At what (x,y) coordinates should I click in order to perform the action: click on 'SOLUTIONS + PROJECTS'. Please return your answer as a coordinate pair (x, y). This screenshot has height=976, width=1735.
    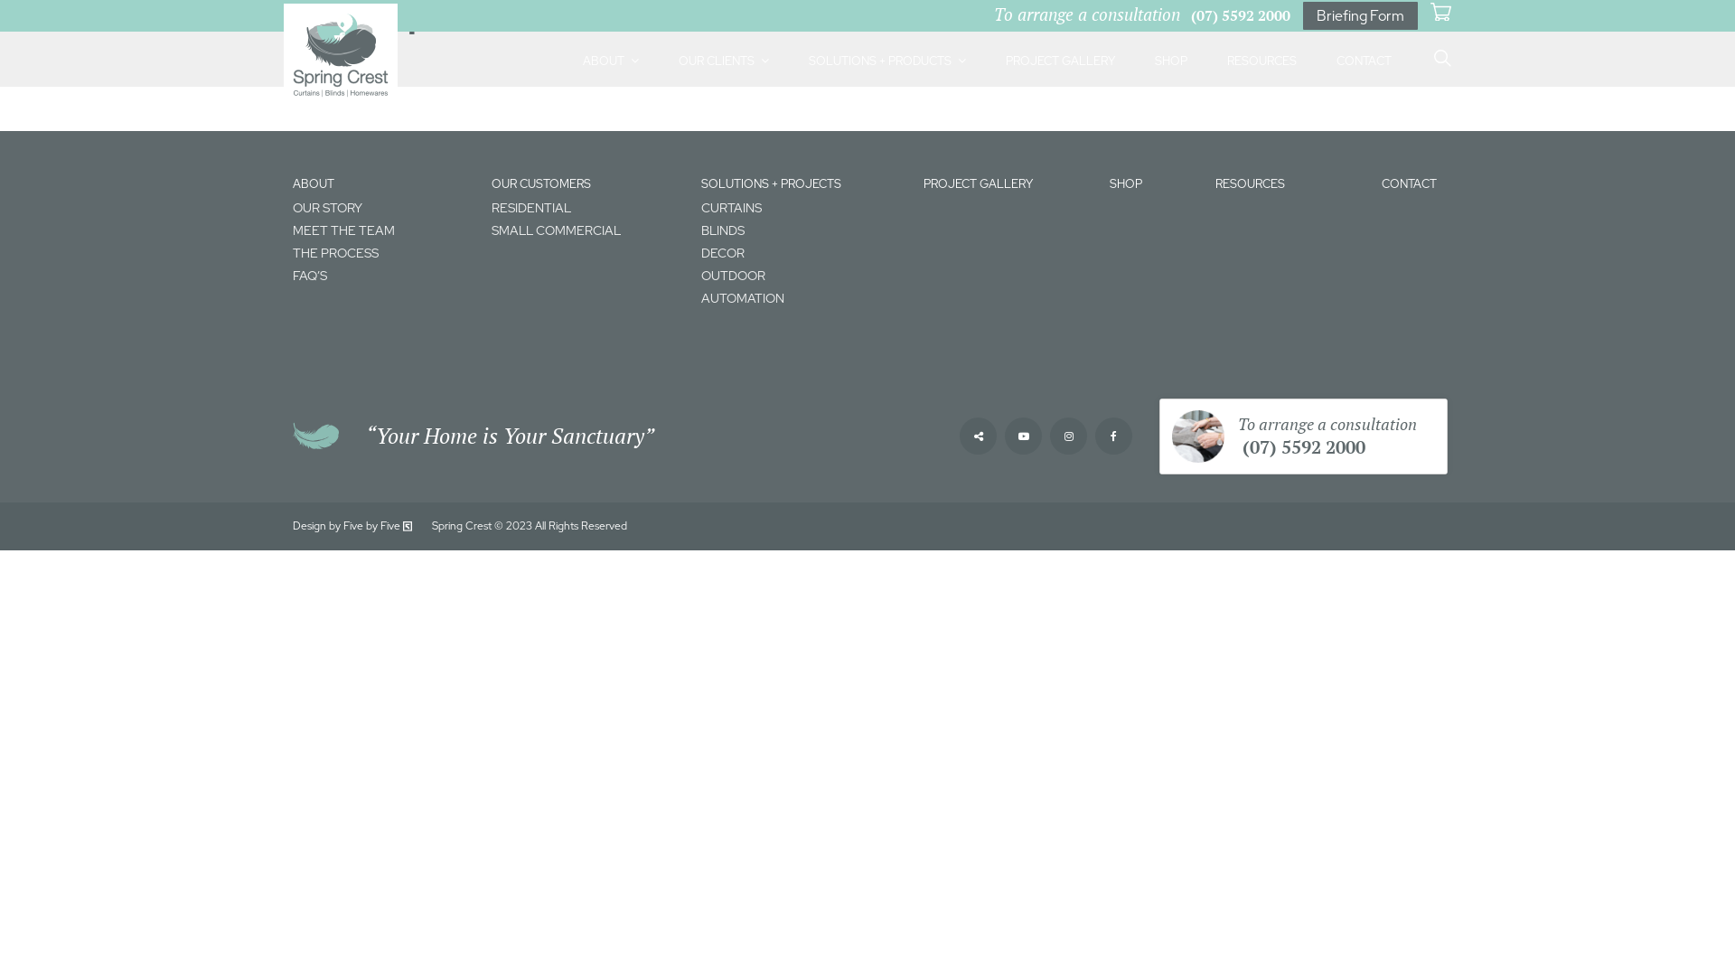
    Looking at the image, I should click on (771, 183).